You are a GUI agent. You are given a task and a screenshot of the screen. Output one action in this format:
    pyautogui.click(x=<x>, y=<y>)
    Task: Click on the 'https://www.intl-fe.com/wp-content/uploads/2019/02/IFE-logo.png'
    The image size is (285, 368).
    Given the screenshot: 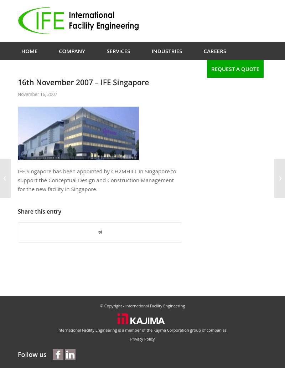 What is the action you would take?
    pyautogui.click(x=17, y=95)
    